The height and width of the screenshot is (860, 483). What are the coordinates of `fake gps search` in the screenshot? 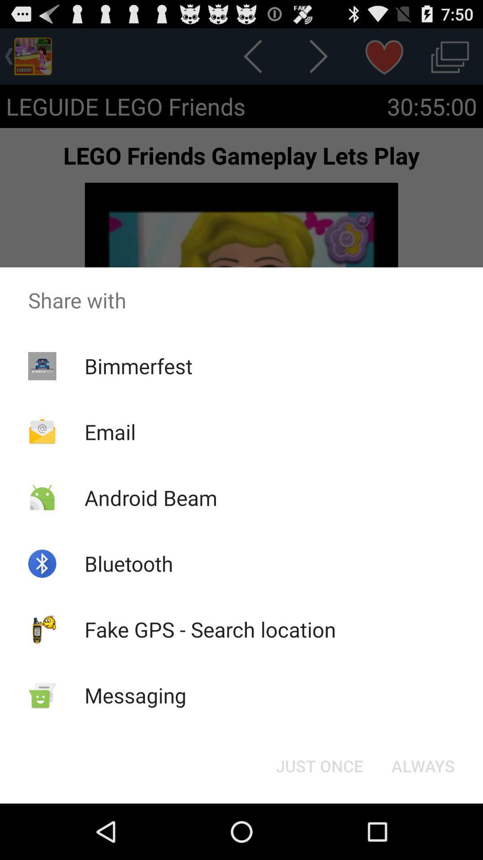 It's located at (210, 629).